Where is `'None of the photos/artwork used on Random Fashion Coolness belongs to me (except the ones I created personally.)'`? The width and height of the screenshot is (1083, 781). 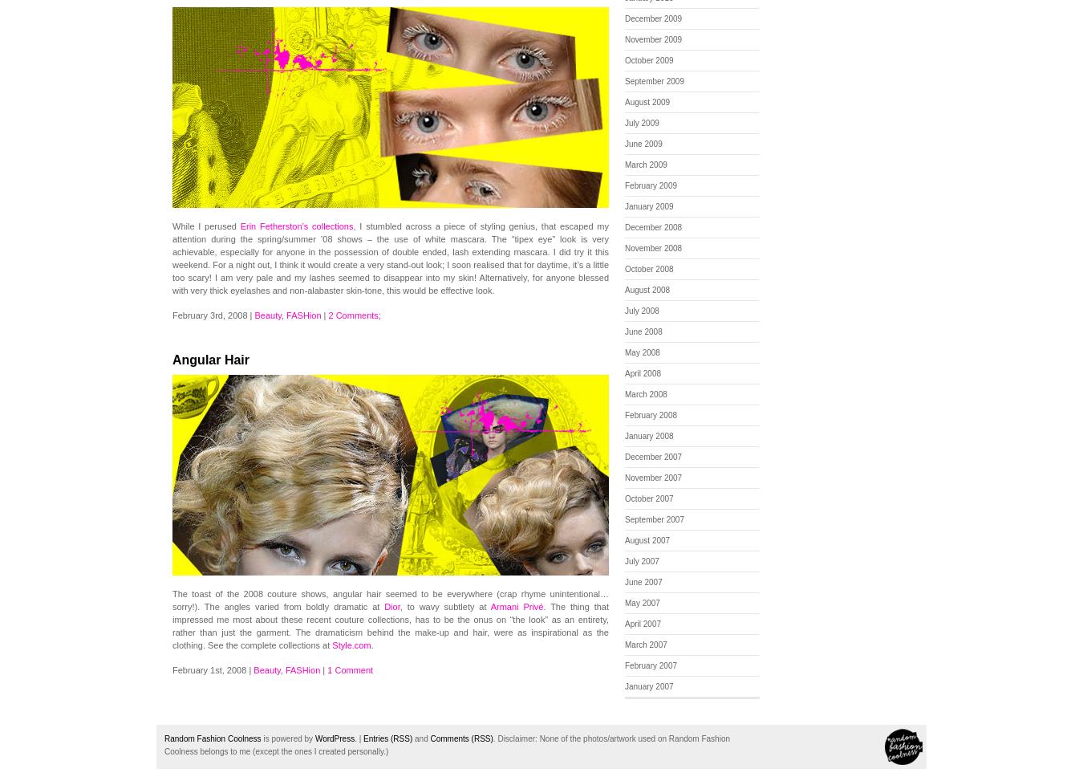
'None of the photos/artwork used on Random Fashion Coolness belongs to me (except the ones I created personally.)' is located at coordinates (164, 744).